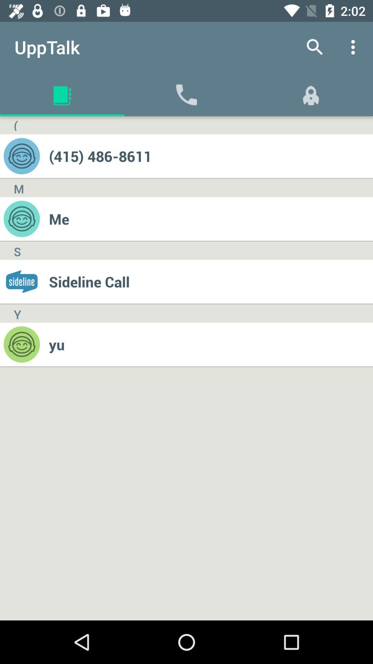 Image resolution: width=373 pixels, height=664 pixels. I want to click on the item below the me icon, so click(210, 282).